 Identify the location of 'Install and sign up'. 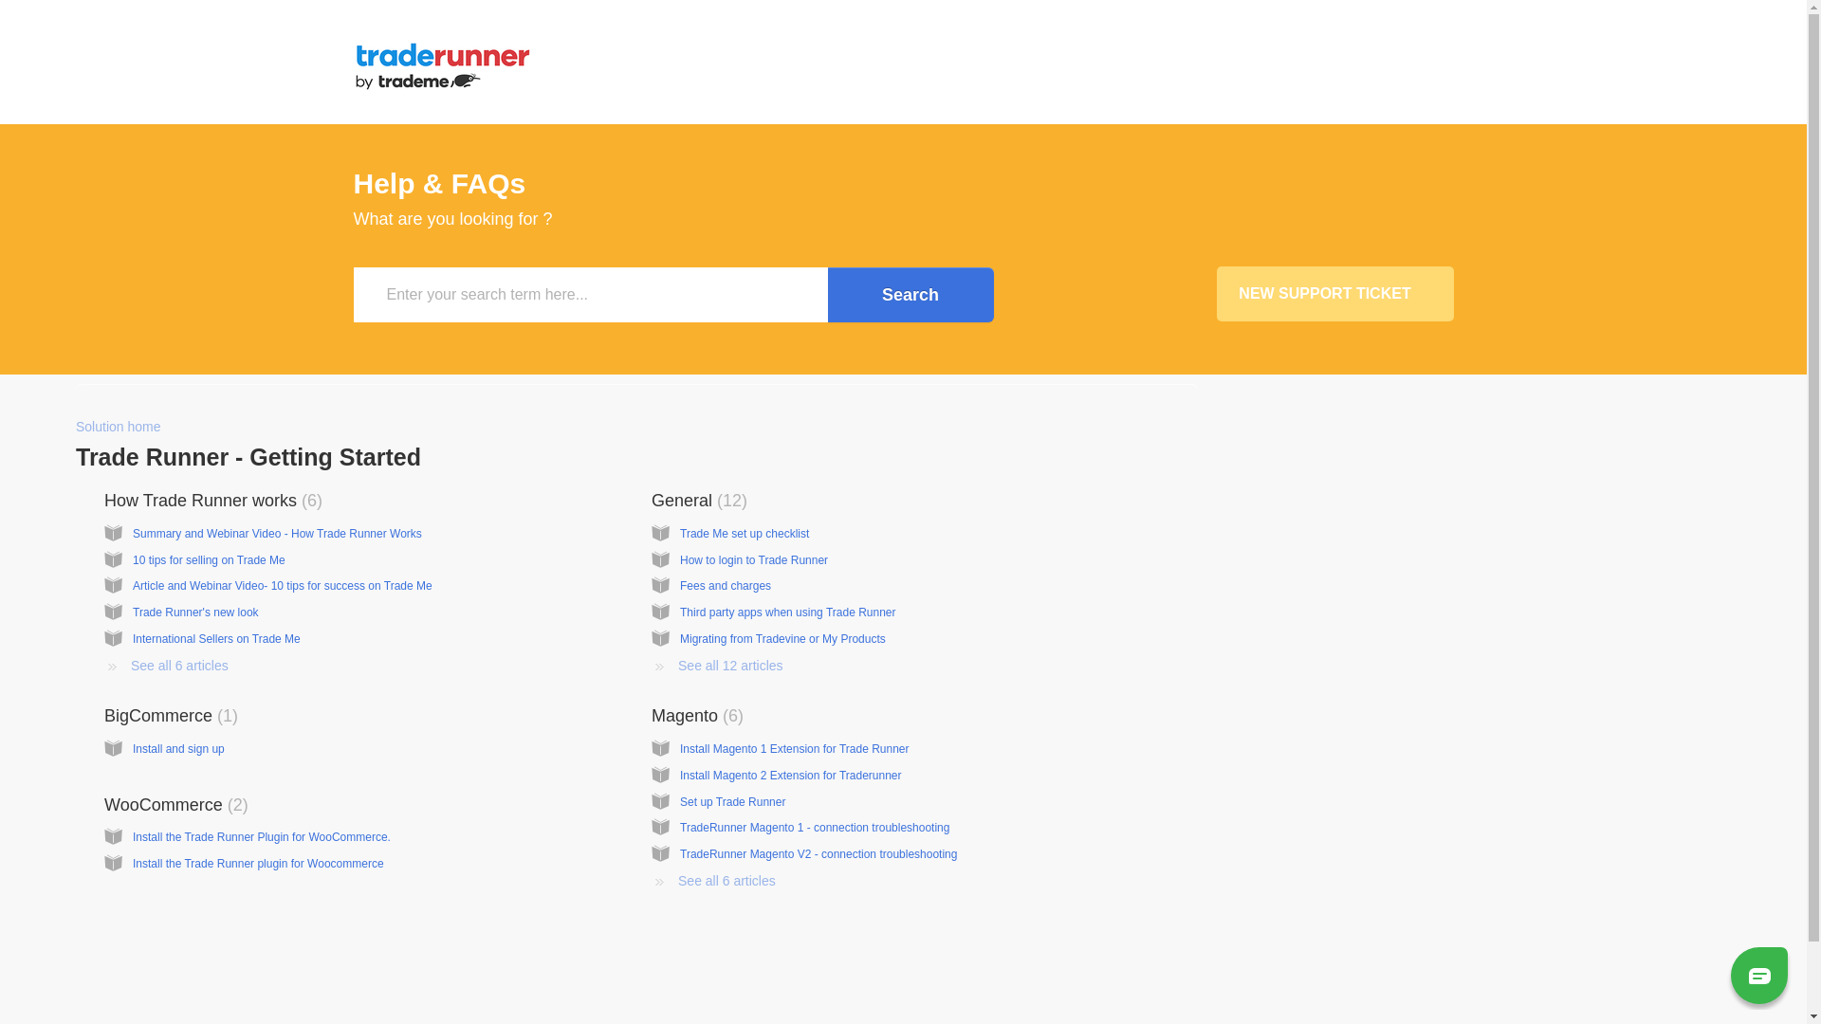
(178, 748).